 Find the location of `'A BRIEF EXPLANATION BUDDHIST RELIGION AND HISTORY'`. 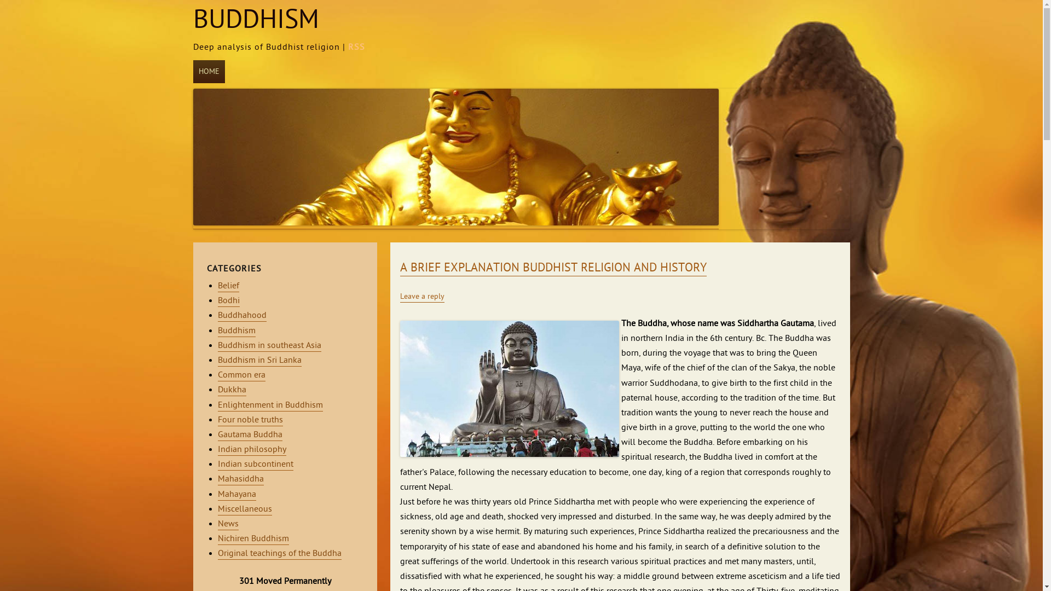

'A BRIEF EXPLANATION BUDDHIST RELIGION AND HISTORY' is located at coordinates (552, 268).